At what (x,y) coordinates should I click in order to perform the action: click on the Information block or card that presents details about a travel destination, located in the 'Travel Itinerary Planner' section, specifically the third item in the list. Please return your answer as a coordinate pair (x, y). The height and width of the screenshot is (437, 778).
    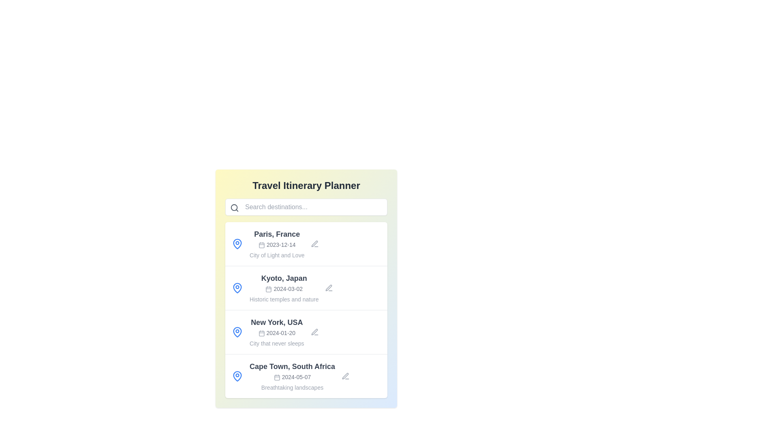
    Looking at the image, I should click on (277, 332).